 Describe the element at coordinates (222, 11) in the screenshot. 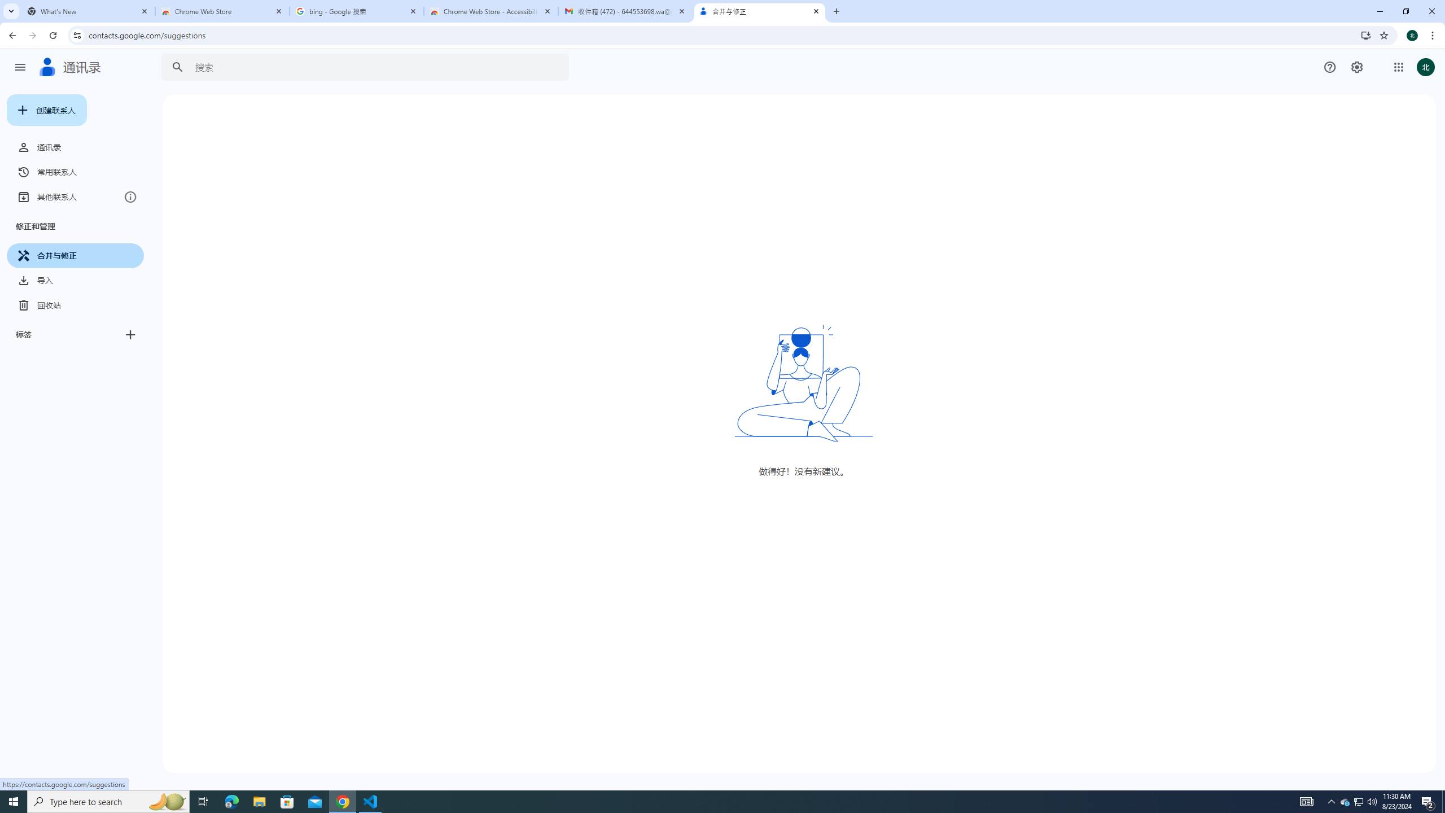

I see `'Chrome Web Store'` at that location.